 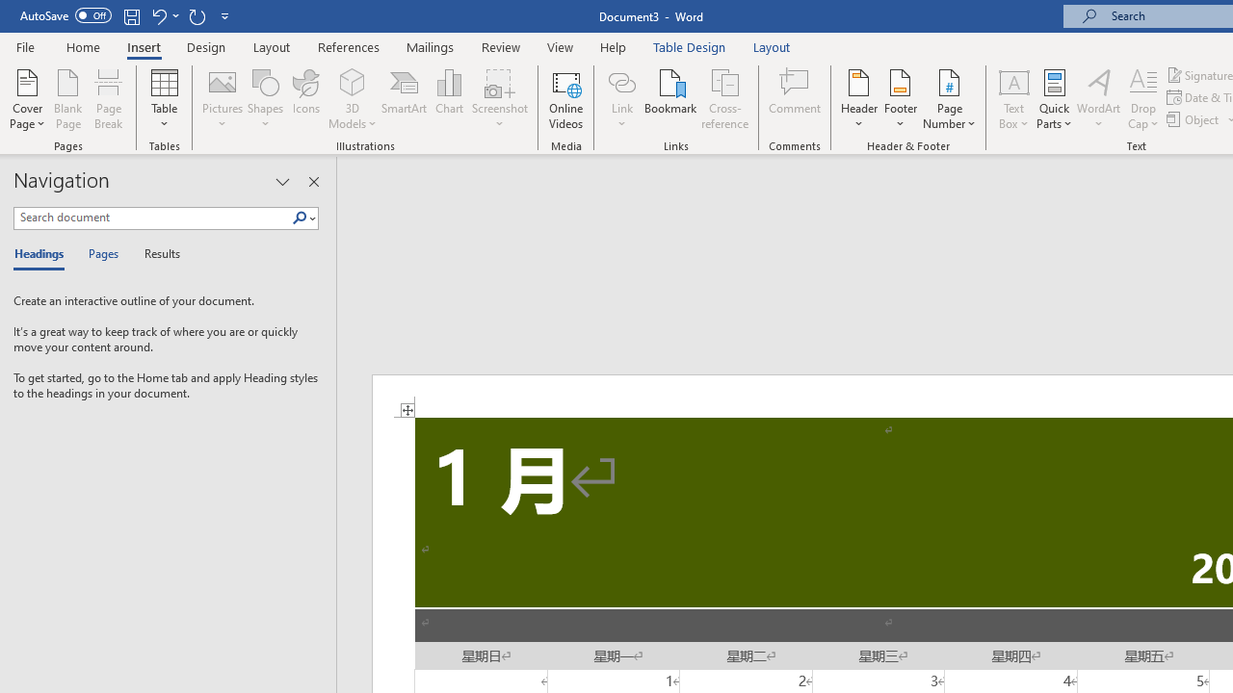 I want to click on 'Bookmark...', so click(x=670, y=99).